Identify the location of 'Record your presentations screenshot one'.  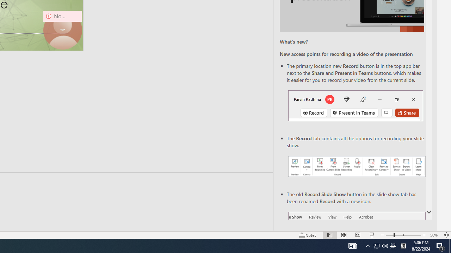
(357, 167).